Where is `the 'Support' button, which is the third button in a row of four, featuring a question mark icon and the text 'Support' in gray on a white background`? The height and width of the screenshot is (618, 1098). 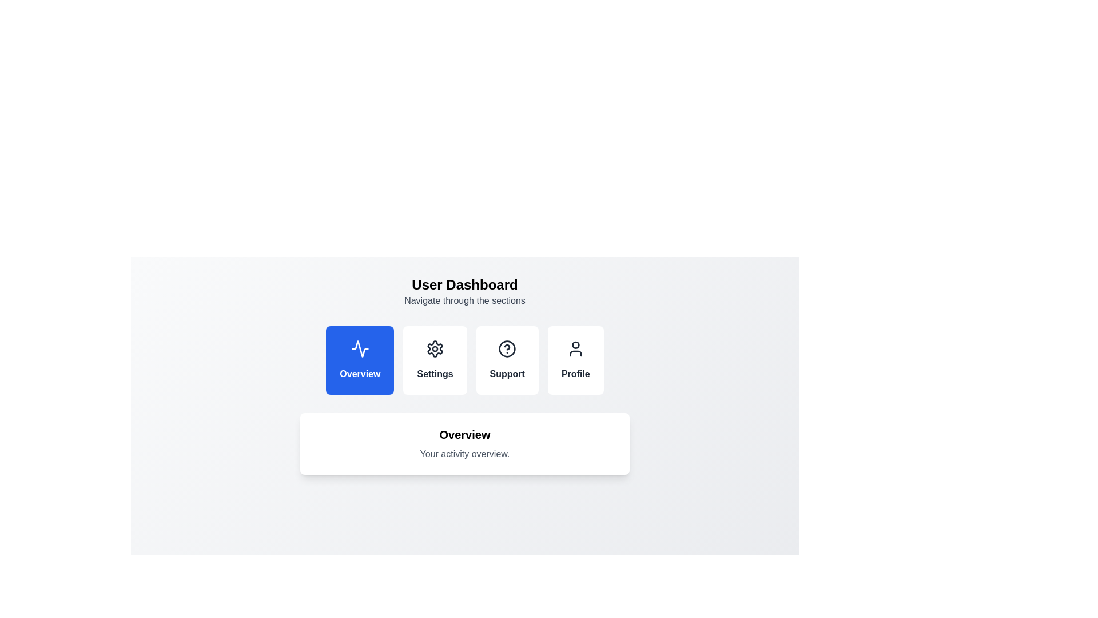 the 'Support' button, which is the third button in a row of four, featuring a question mark icon and the text 'Support' in gray on a white background is located at coordinates (507, 359).